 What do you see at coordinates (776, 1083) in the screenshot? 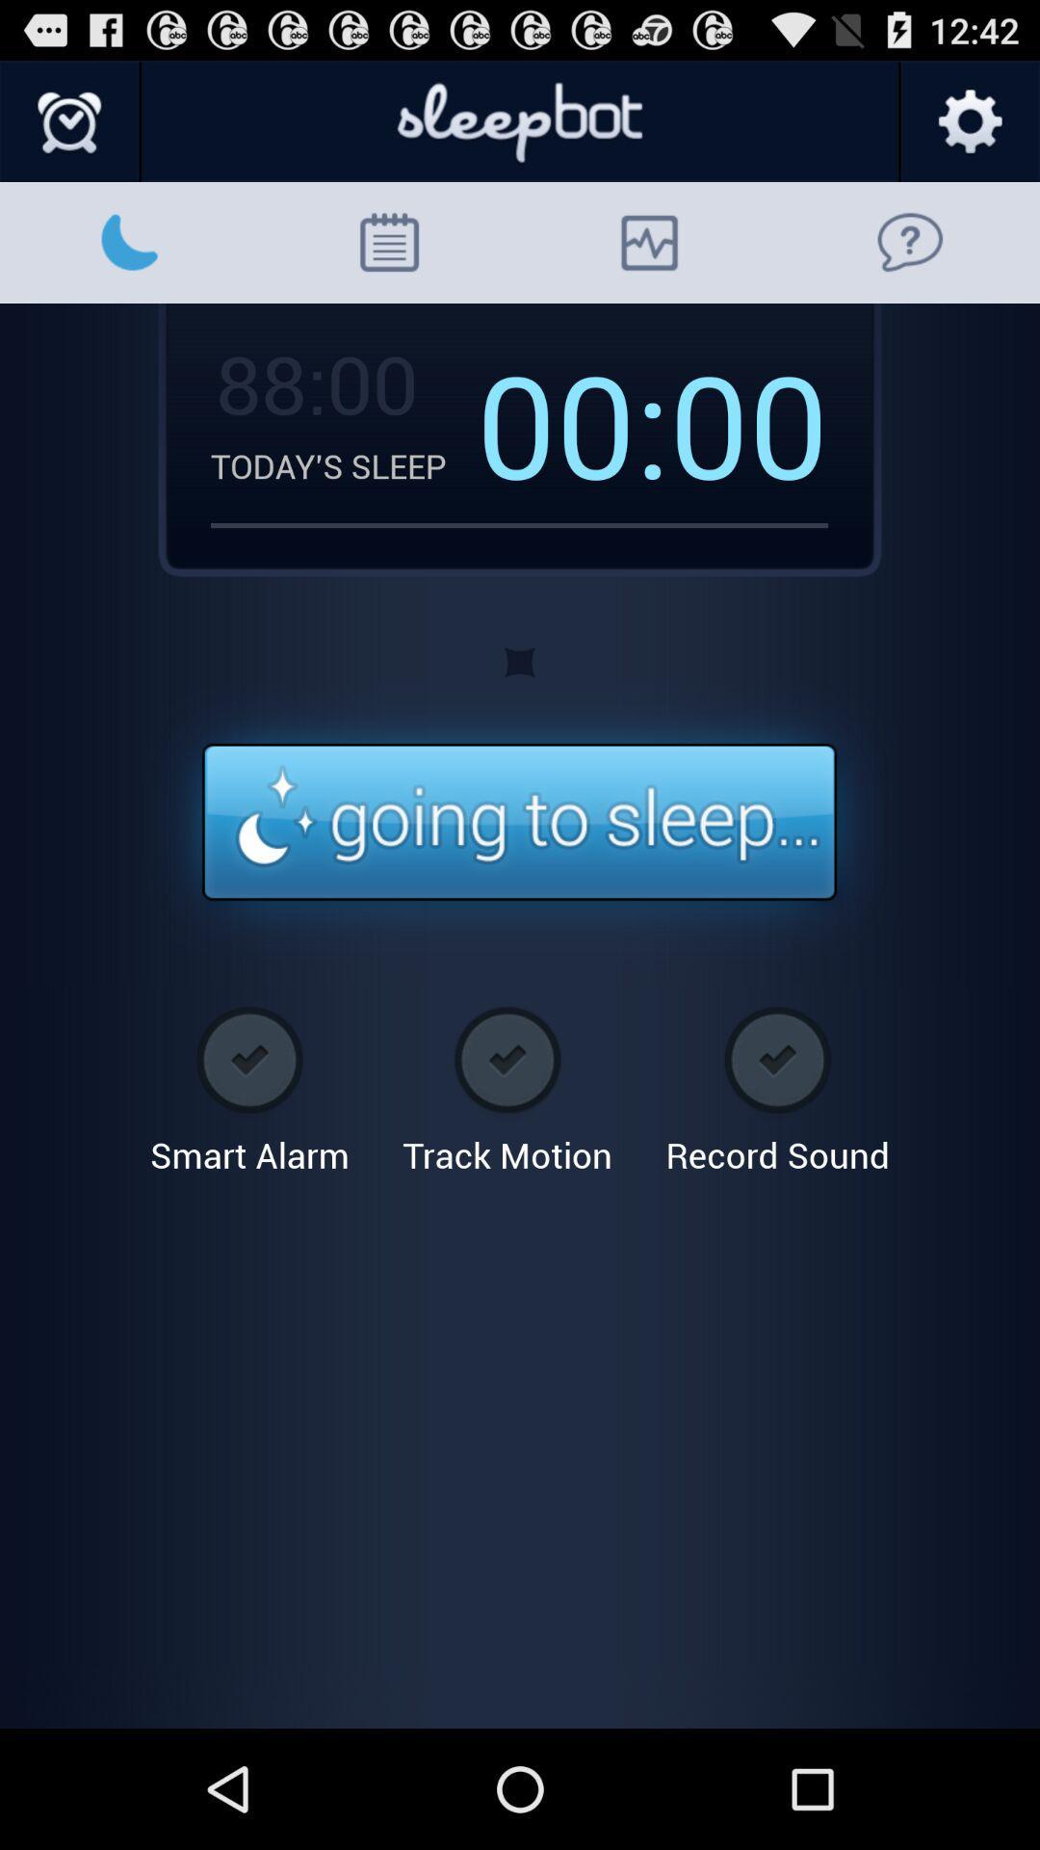
I see `record sound app` at bounding box center [776, 1083].